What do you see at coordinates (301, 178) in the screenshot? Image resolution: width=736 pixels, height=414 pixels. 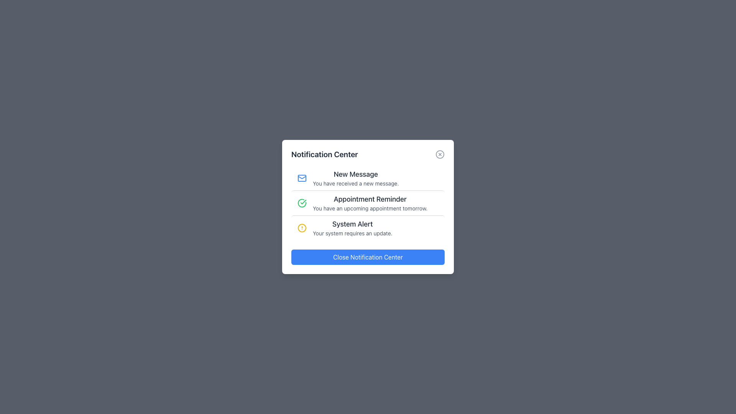 I see `the blue outlined mail icon resembling an envelope located to the left of the text 'New Message' in the notification panel` at bounding box center [301, 178].